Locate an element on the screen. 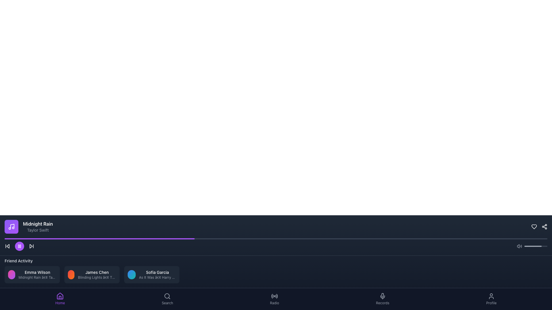  the static text label displaying 'Midnight Rain' in bold, located in the bottom-left region of the music player interface is located at coordinates (37, 223).